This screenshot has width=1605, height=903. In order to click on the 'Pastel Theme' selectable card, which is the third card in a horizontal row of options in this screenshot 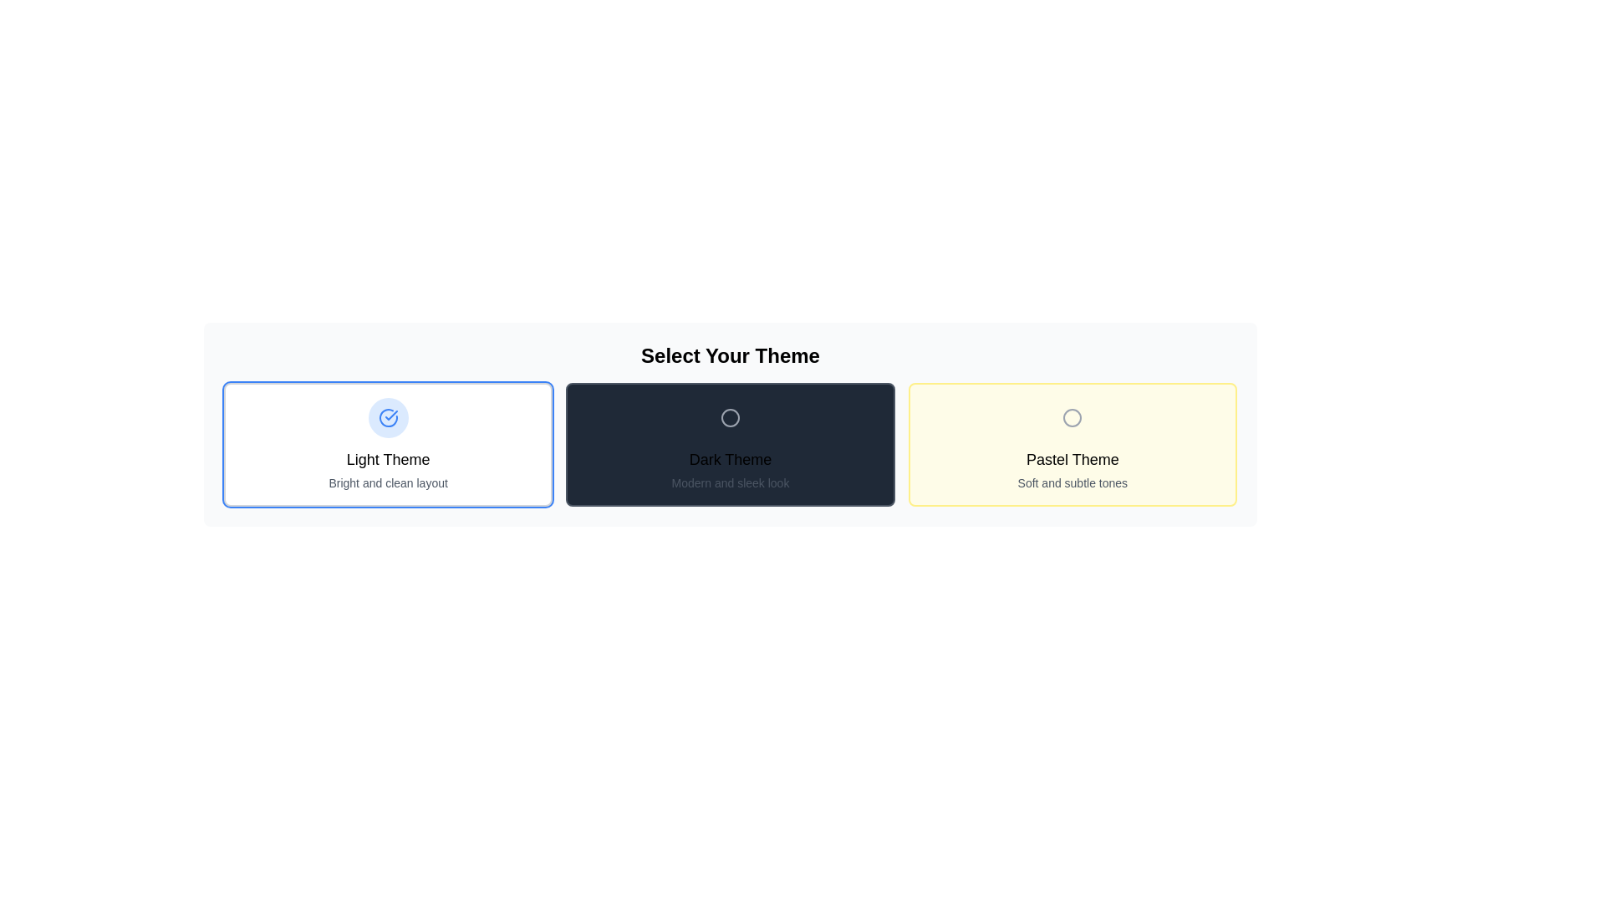, I will do `click(1073, 444)`.